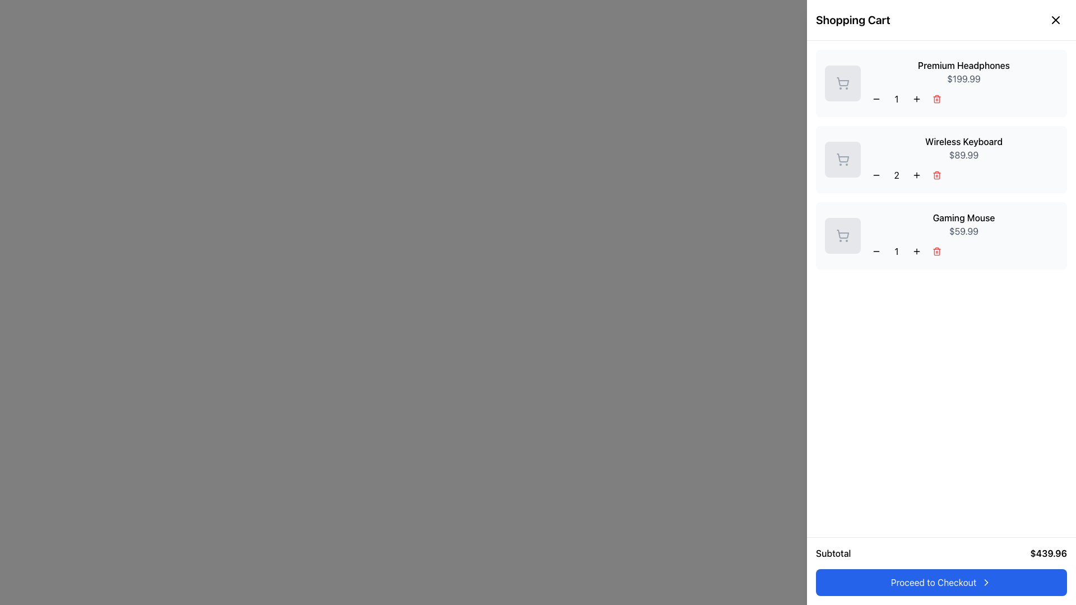 The height and width of the screenshot is (605, 1076). I want to click on the close button located at the top-right corner of the 'Shopping Cart' modal, so click(1053, 22).